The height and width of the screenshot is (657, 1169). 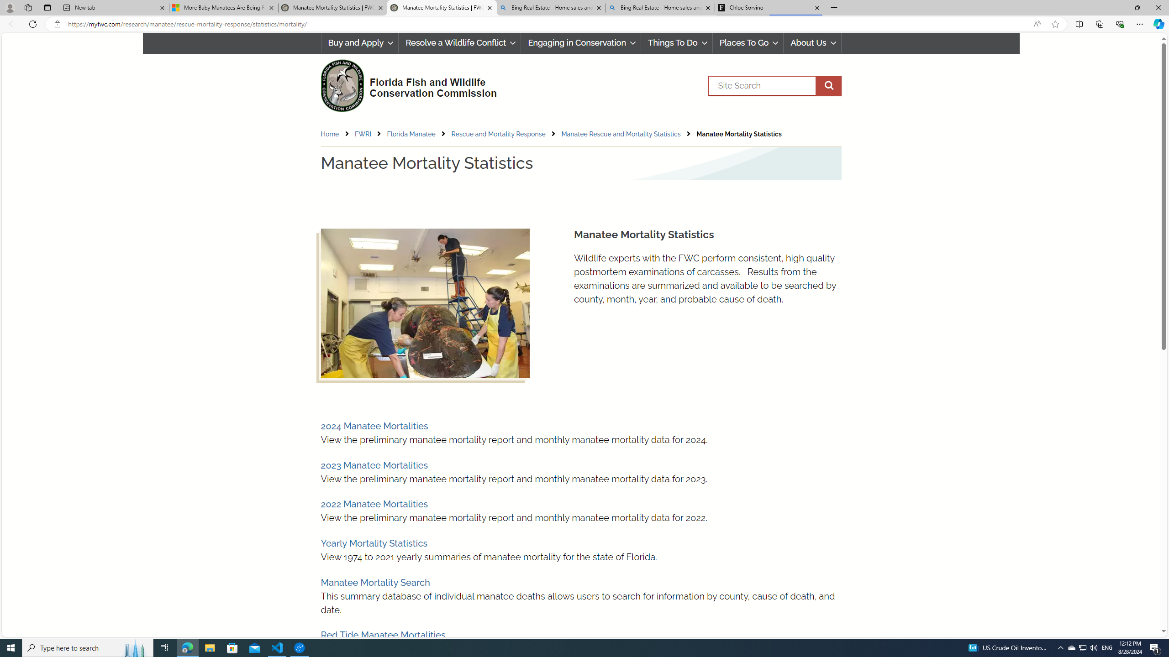 I want to click on 'Home', so click(x=329, y=134).